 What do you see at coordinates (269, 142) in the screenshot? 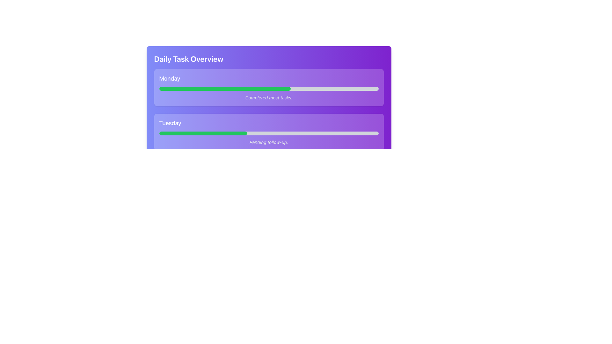
I see `the text label displaying 'Pending follow-up.' which is located beneath the progress bar in the Tuesday section of the task overview interface` at bounding box center [269, 142].